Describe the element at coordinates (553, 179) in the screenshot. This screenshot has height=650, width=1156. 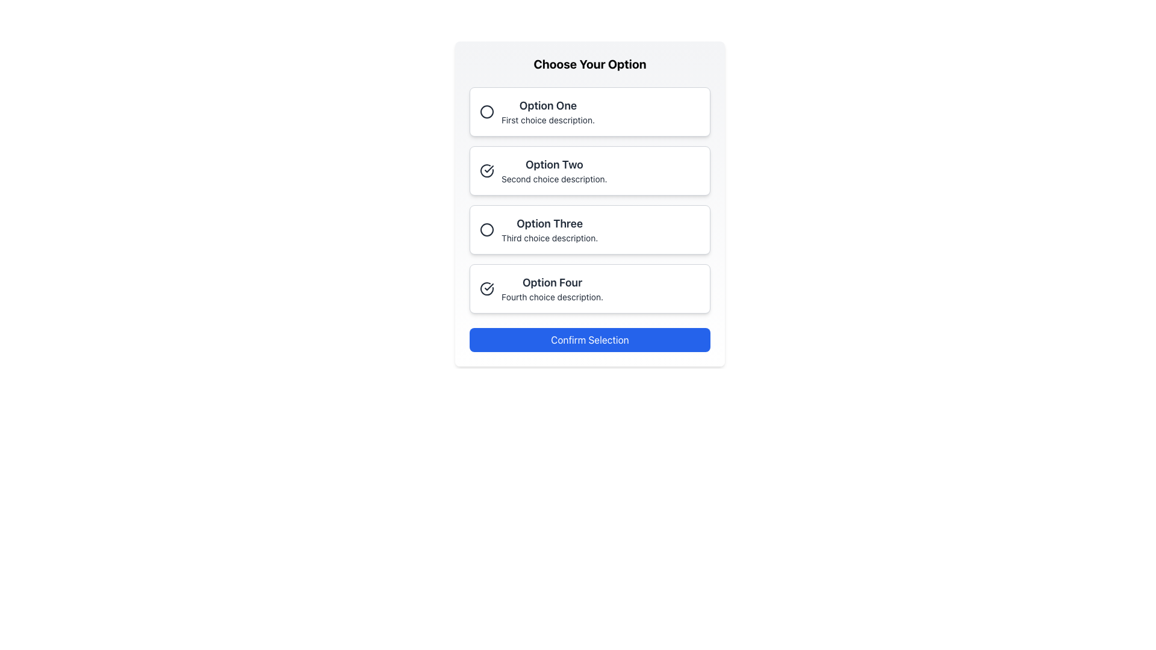
I see `text label that contains the snippet 'Second choice description.' located under the 'Option Two' header` at that location.